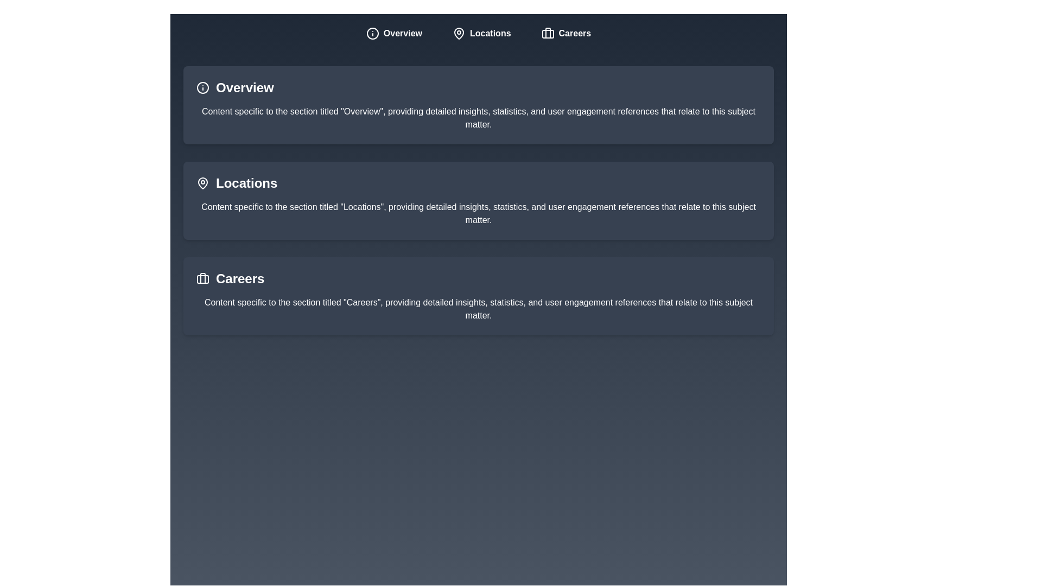 This screenshot has height=586, width=1042. I want to click on the briefcase icon in the navigation bar, so click(548, 33).